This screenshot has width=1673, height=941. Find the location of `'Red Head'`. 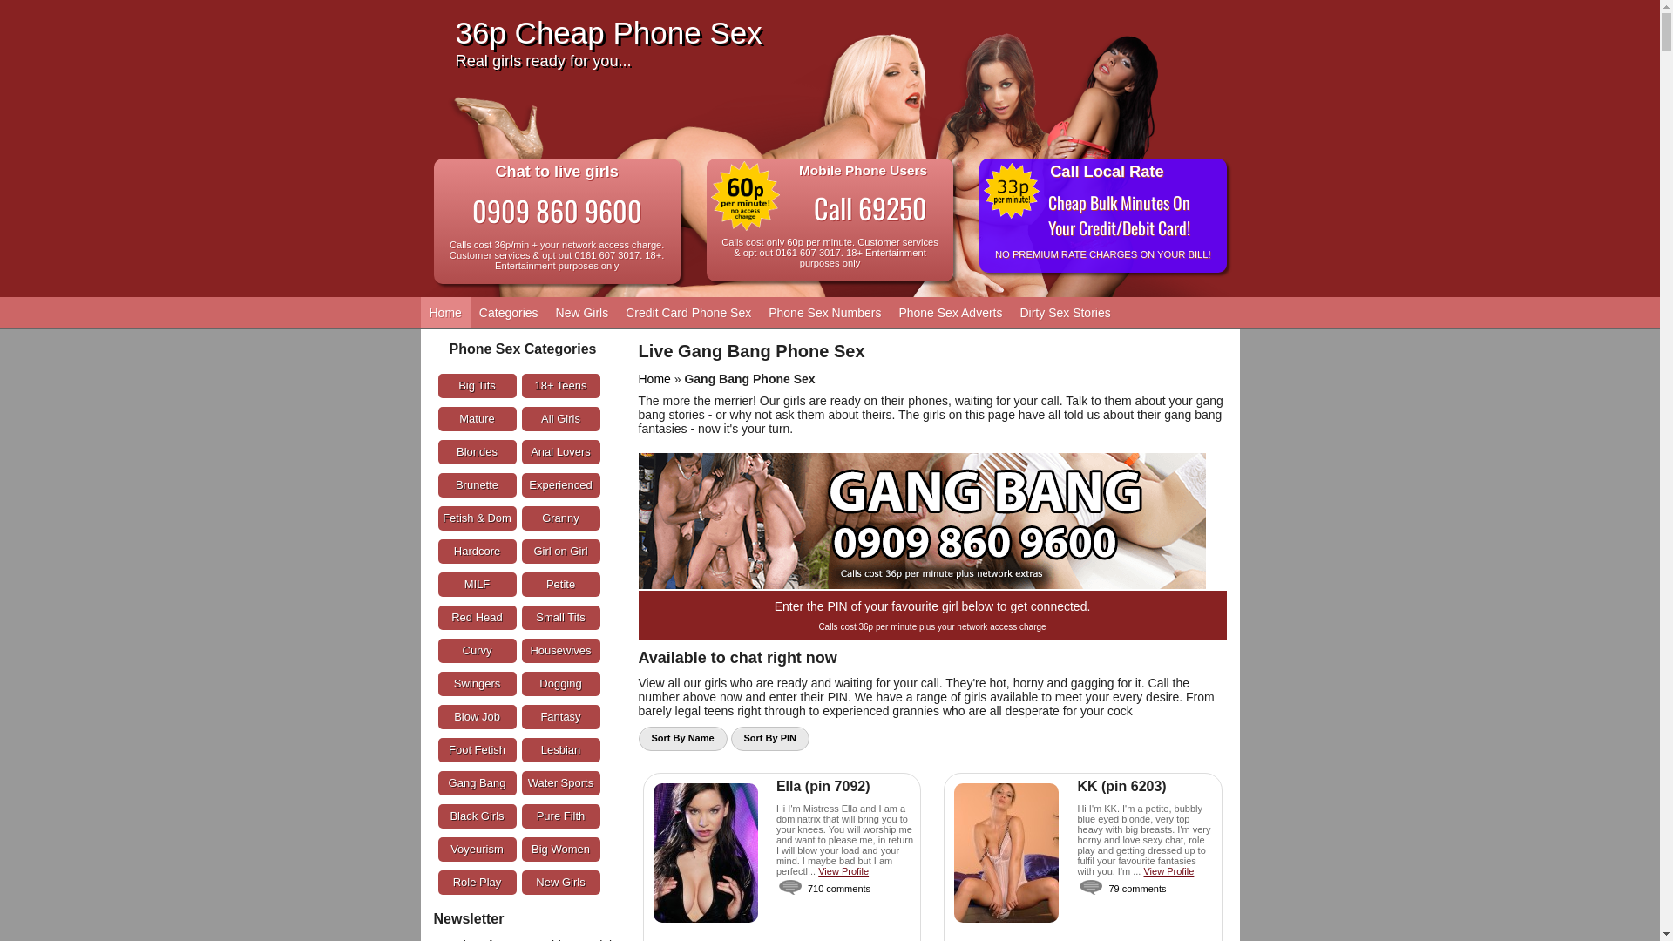

'Red Head' is located at coordinates (477, 617).